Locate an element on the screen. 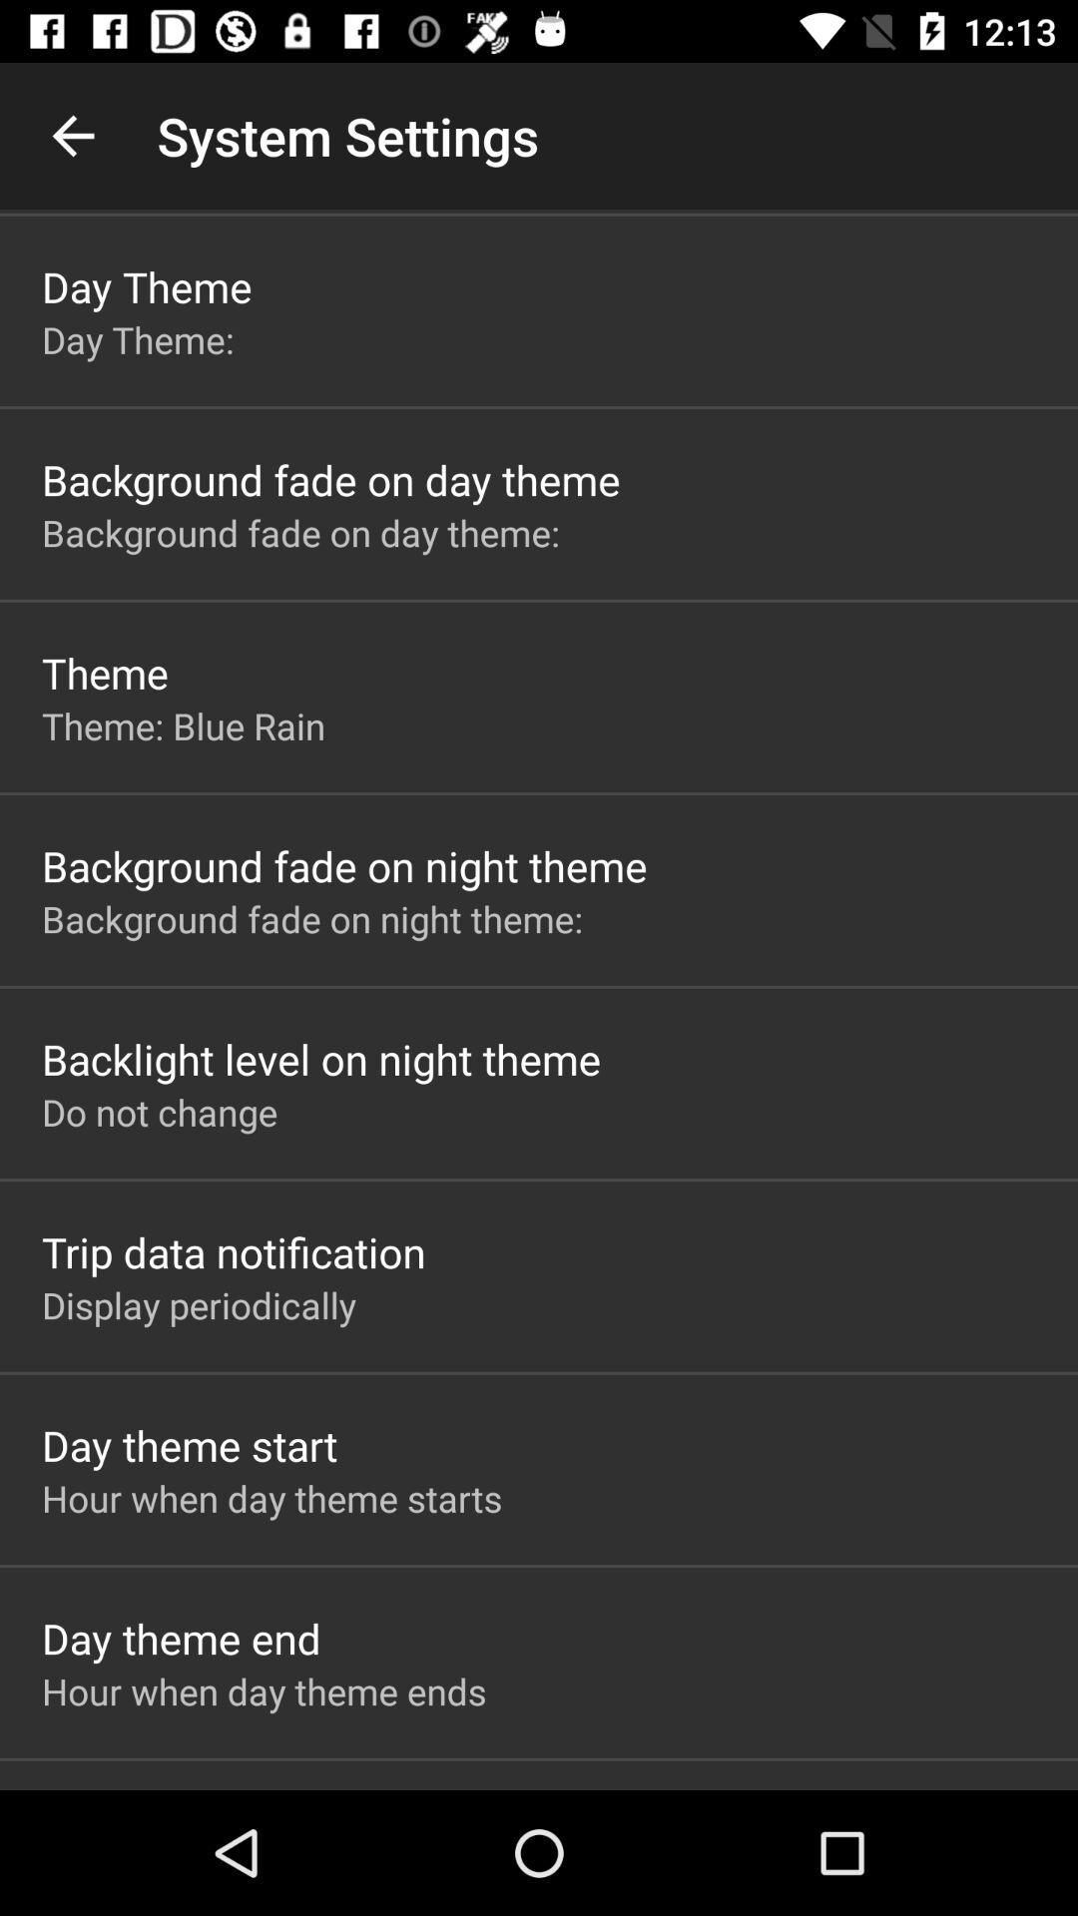 Image resolution: width=1078 pixels, height=1916 pixels. the app below backlight level on app is located at coordinates (159, 1111).